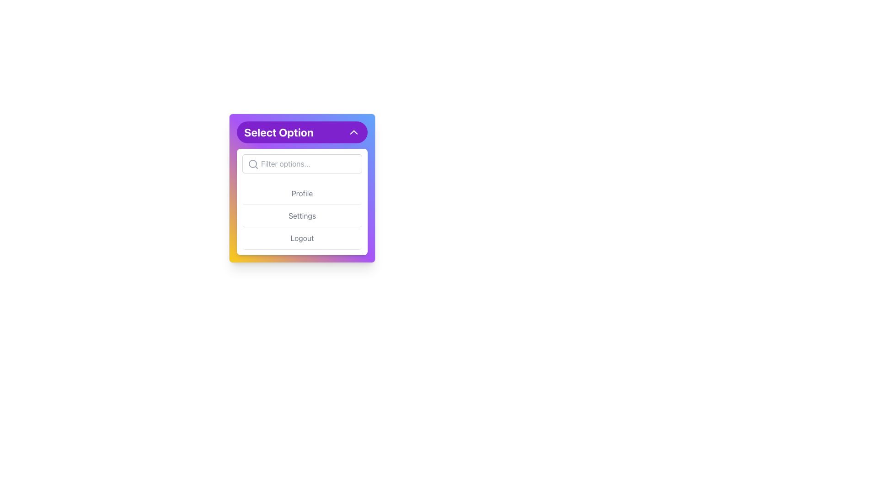  I want to click on the 'Logout' button, which is a rectangular button with rounded corners and a hover effect, located at the bottom of the options list, so click(302, 238).